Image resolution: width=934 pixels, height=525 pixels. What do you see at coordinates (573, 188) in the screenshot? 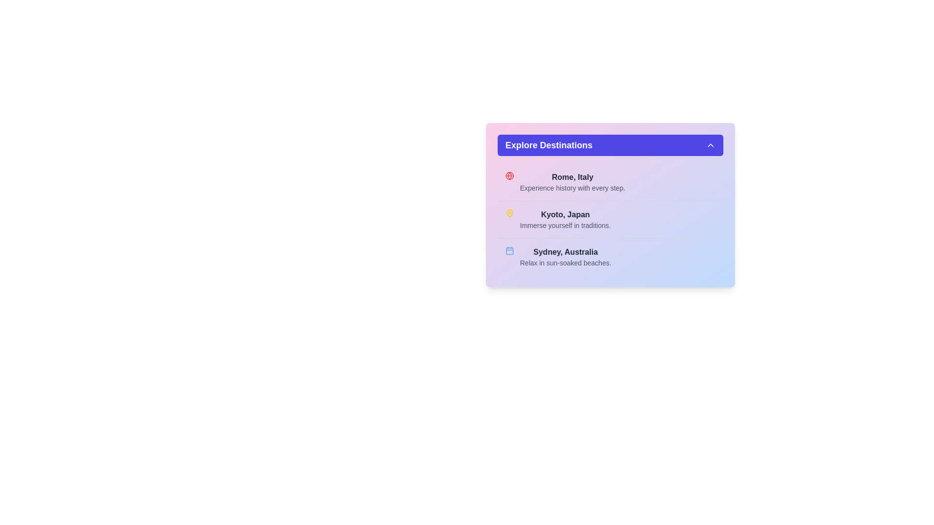
I see `the text caption 'Experience history with every step.' which is positioned beneath the headline 'Rome, Italy' within the 'Explore Destinations' section` at bounding box center [573, 188].